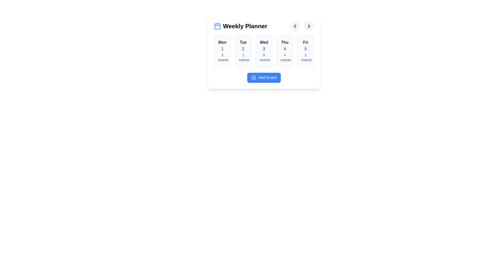 The width and height of the screenshot is (480, 270). I want to click on the next navigation button to navigate between weeks, so click(309, 26).